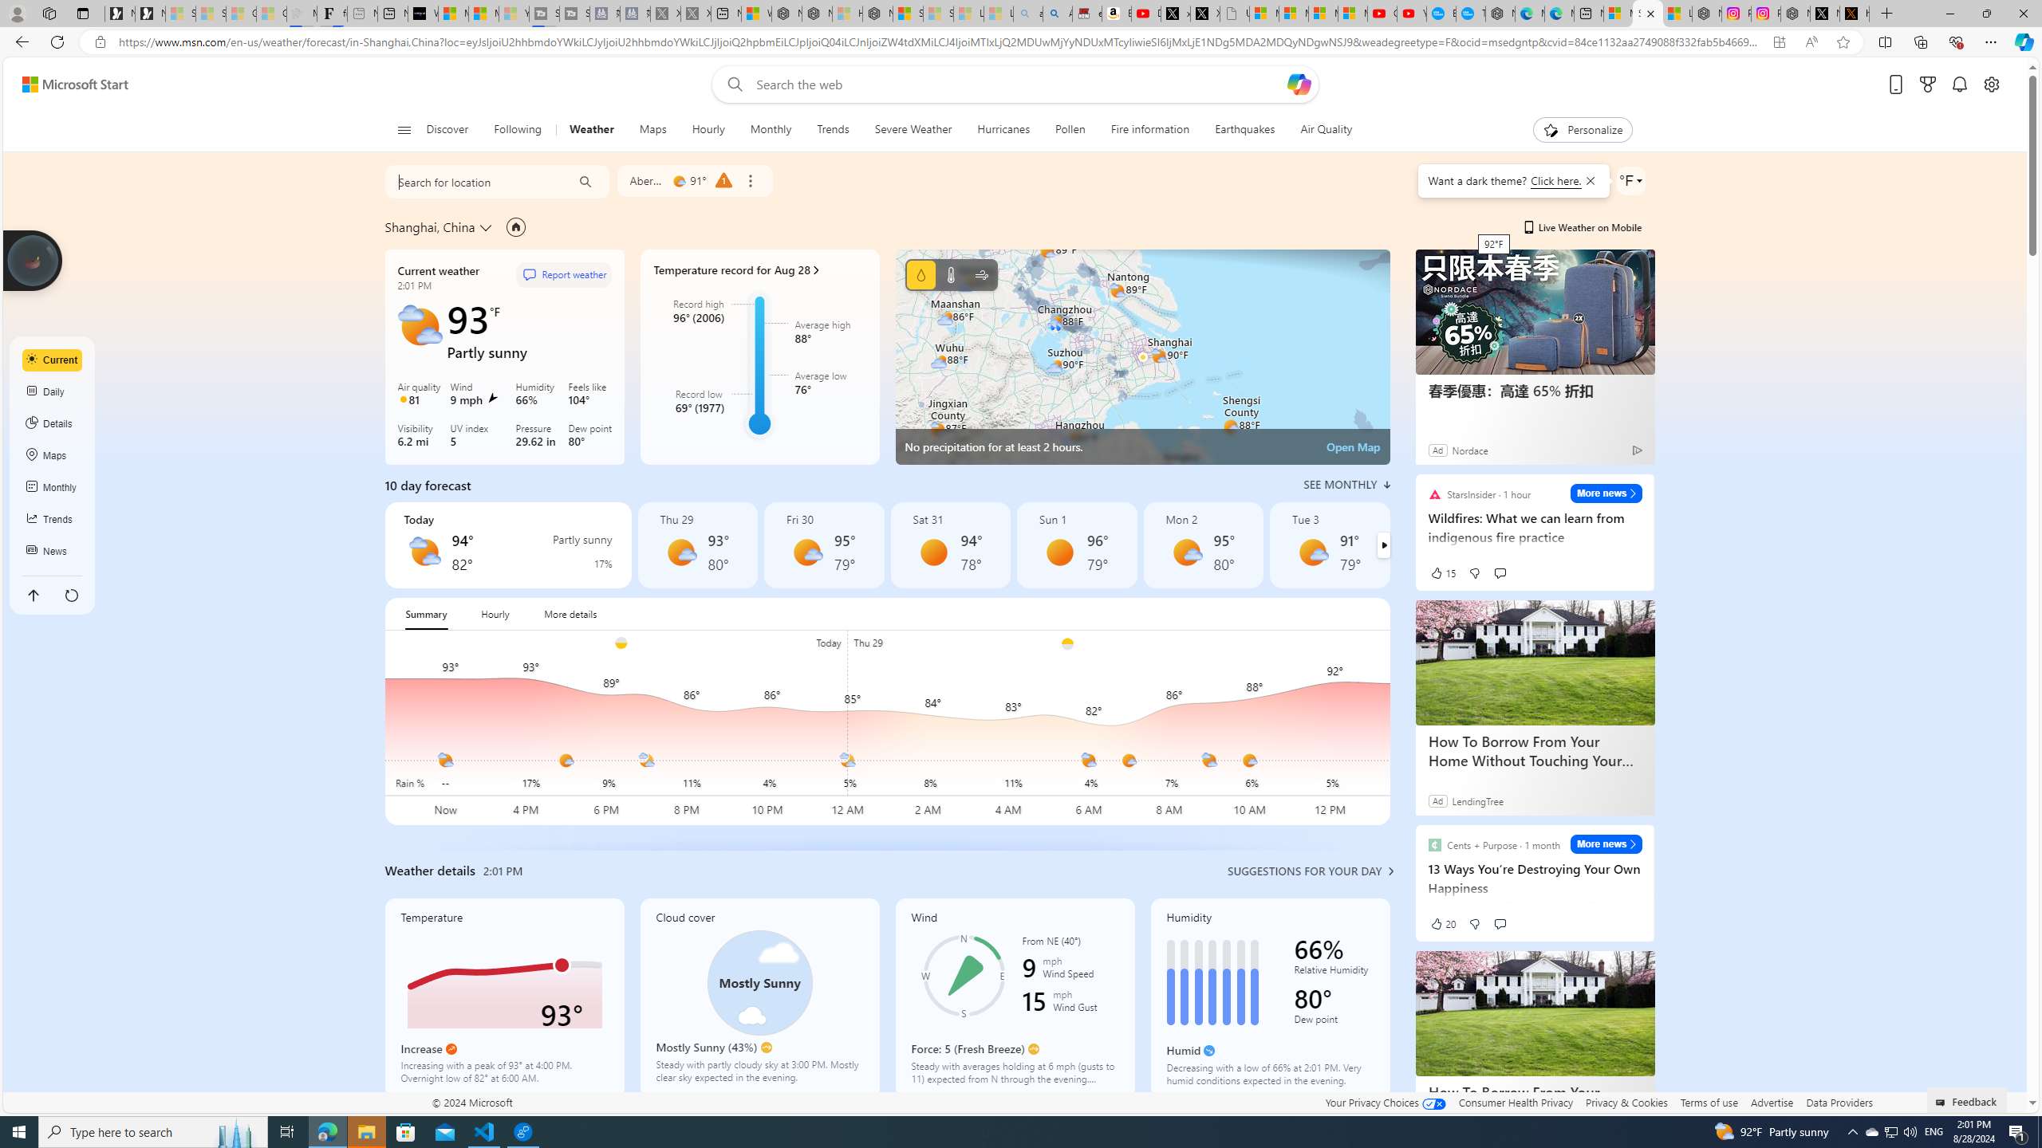 This screenshot has width=2042, height=1148. Describe the element at coordinates (913, 129) in the screenshot. I see `'Severe Weather'` at that location.